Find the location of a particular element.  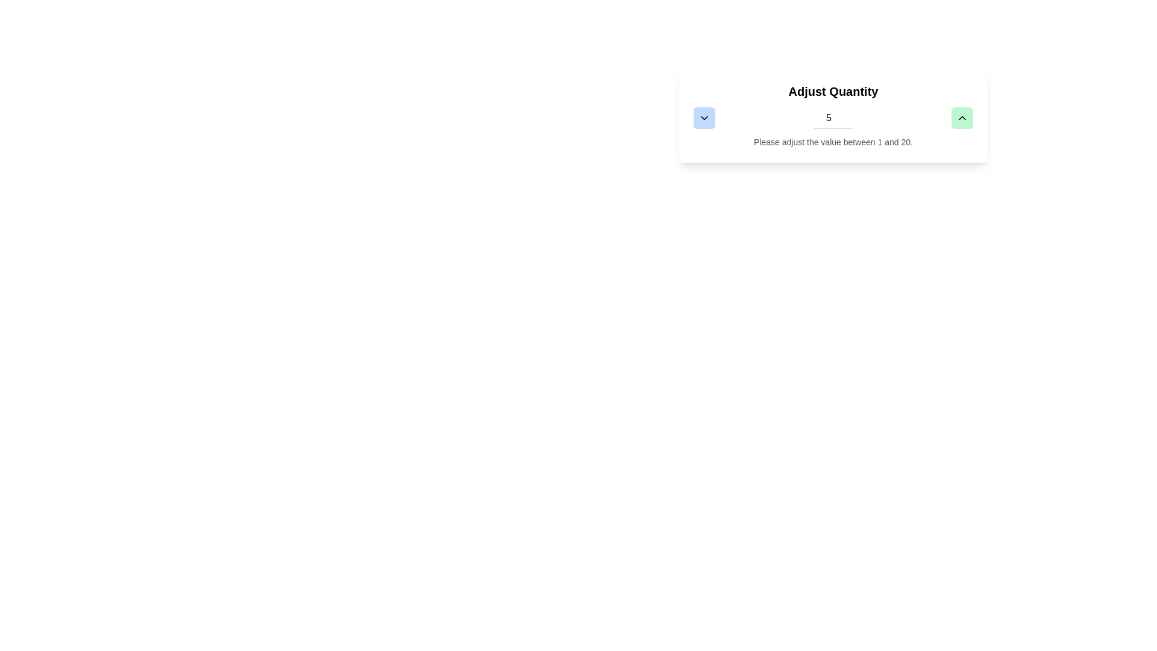

the static text element that provides guidance on acceptable input values, located below the numeric input field and between two interactive arrow buttons is located at coordinates (832, 141).